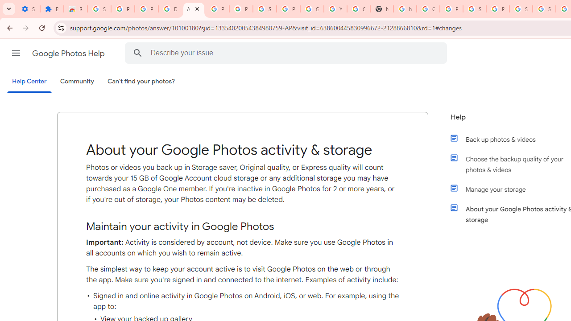 This screenshot has width=571, height=321. Describe the element at coordinates (69, 53) in the screenshot. I see `'Google Photos Help'` at that location.